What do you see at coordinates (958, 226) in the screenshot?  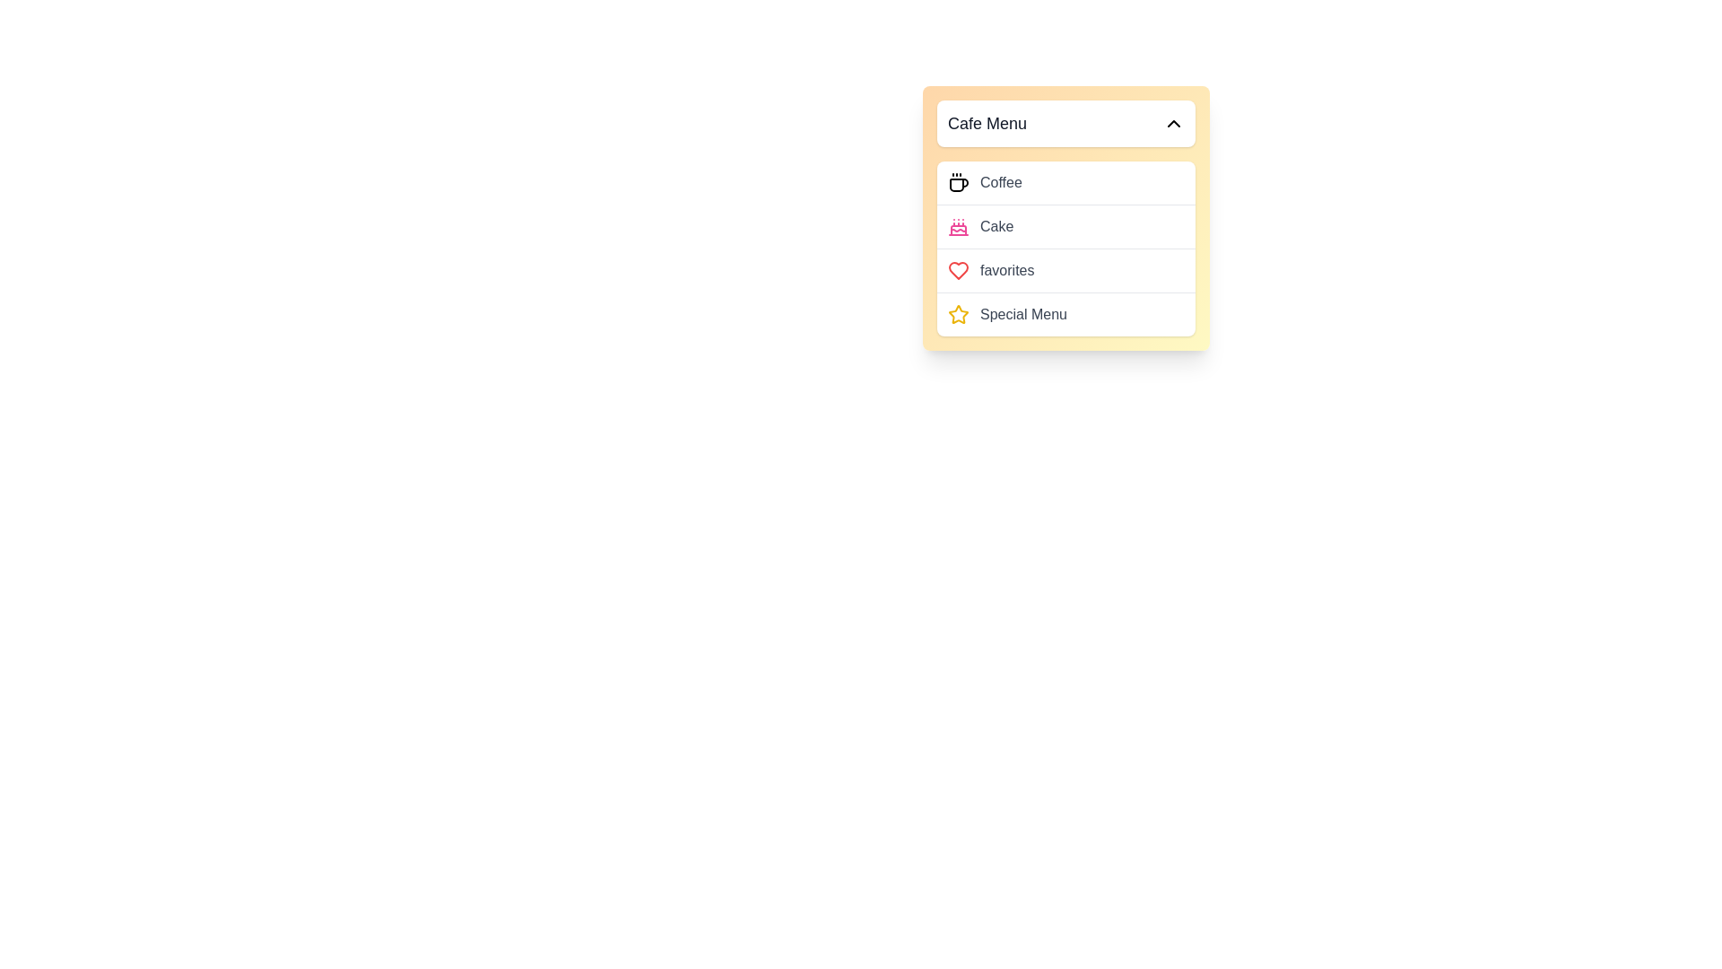 I see `the cake-shaped icon located in the 'Cafe Menu' dropdown, positioned below the coffee icon and above the 'favorites' label` at bounding box center [958, 226].